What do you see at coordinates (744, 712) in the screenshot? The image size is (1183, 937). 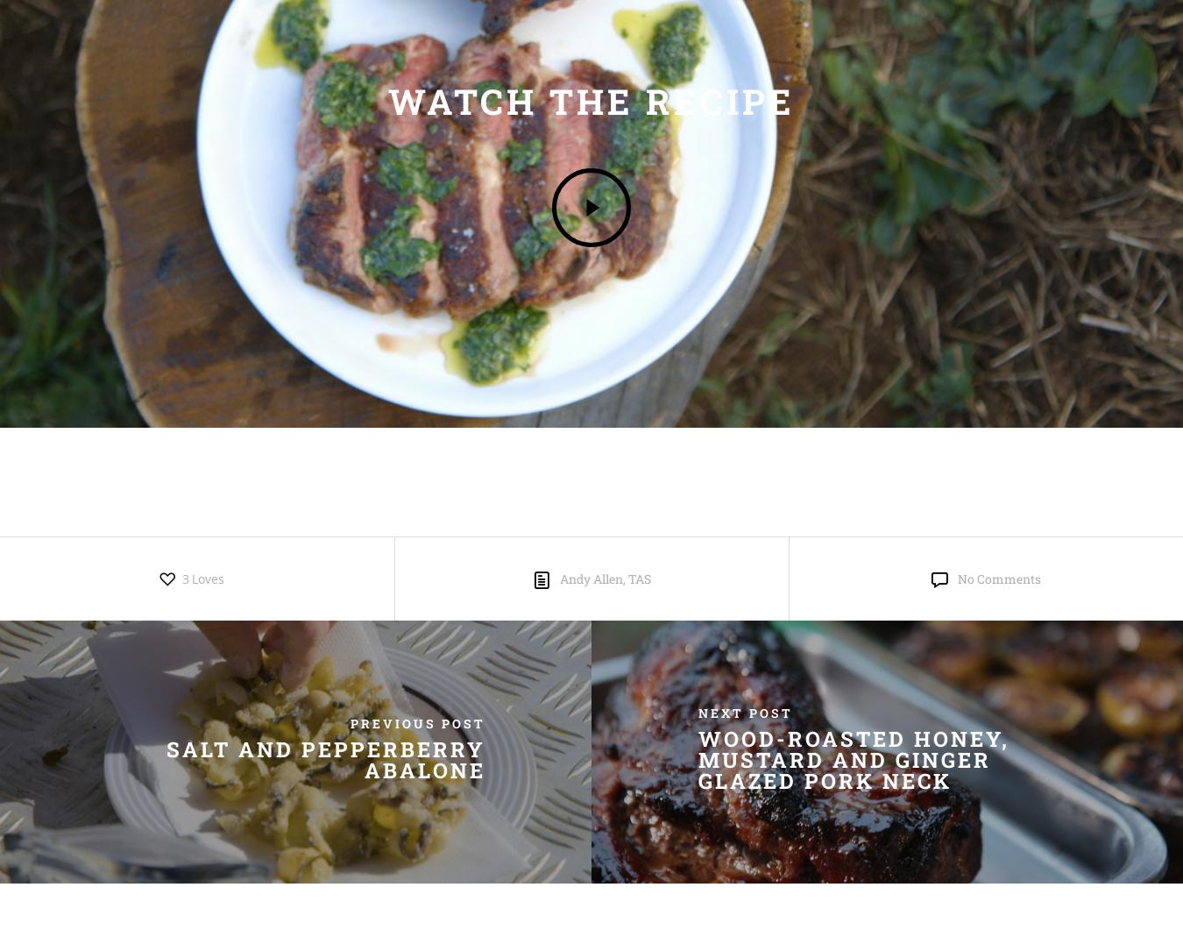 I see `'Next Post'` at bounding box center [744, 712].